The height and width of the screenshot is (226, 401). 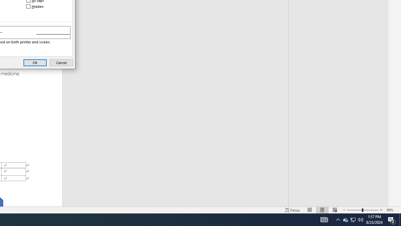 I want to click on 'Print Layout', so click(x=322, y=210).